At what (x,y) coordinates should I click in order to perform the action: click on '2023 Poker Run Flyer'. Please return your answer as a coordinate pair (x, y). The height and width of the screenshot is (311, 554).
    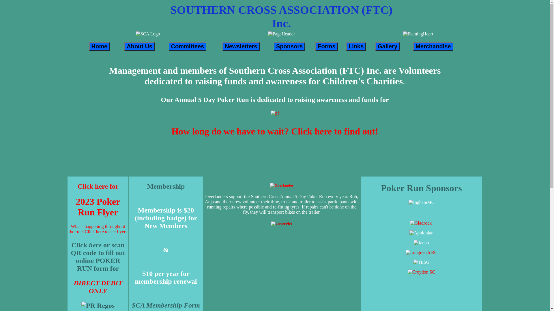
    Looking at the image, I should click on (98, 206).